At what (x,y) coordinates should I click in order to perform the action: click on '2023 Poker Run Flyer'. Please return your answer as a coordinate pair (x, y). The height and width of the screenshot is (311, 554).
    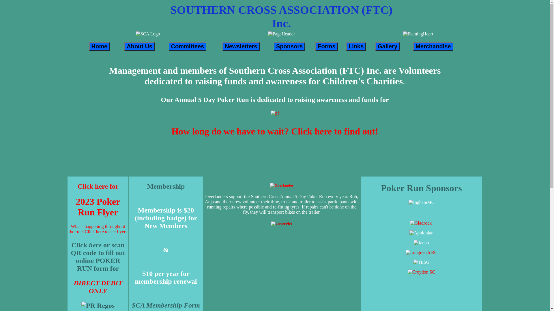
    Looking at the image, I should click on (98, 206).